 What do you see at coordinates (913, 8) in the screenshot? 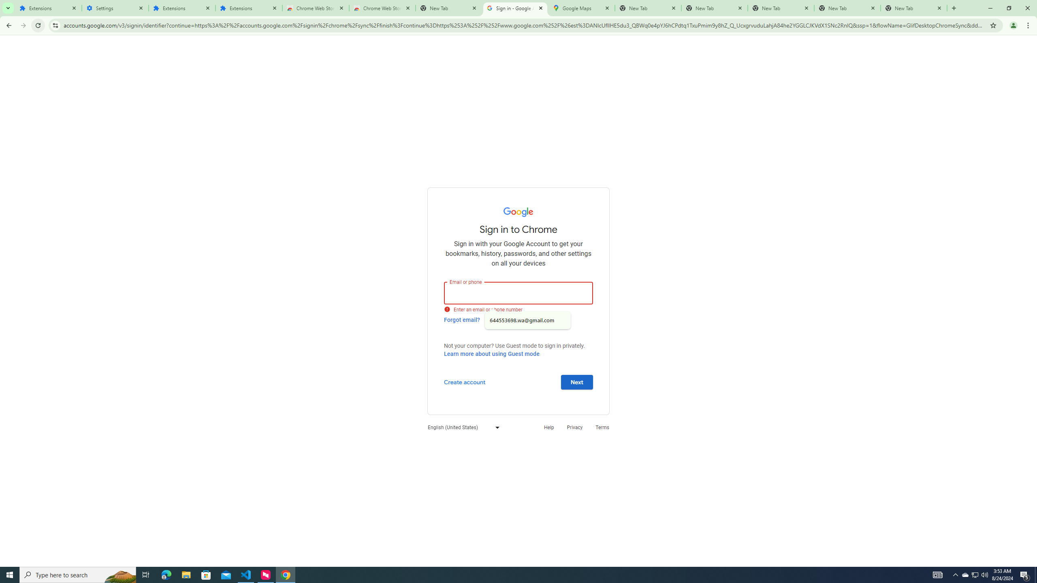
I see `'New Tab'` at bounding box center [913, 8].